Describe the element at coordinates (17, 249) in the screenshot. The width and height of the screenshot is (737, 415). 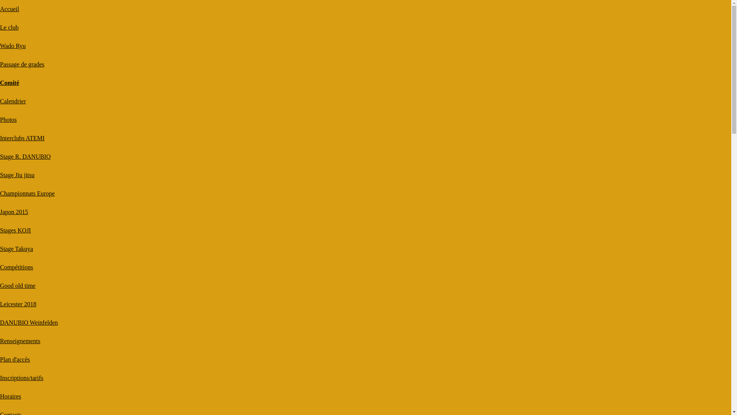
I see `'Stage Takuya'` at that location.